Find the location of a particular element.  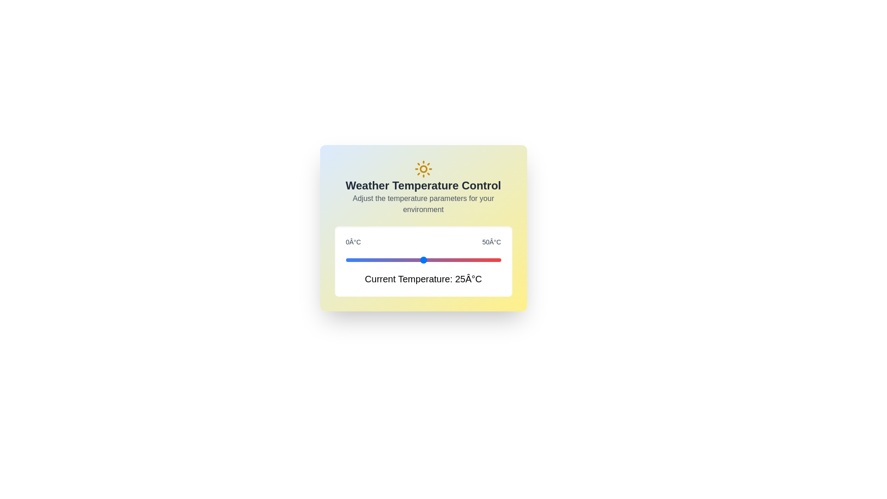

the temperature to 40°C using the slider is located at coordinates (470, 260).